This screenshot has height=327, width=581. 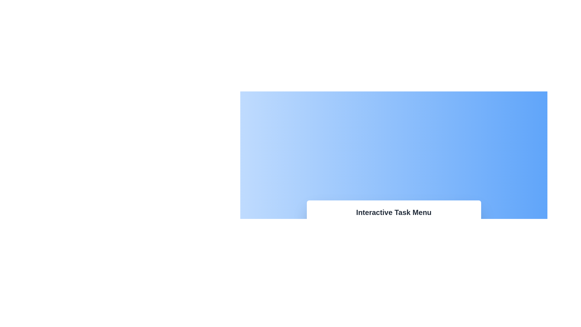 What do you see at coordinates (394, 212) in the screenshot?
I see `text from the heading Text Label located at the top-center of the Interactive Task Menu, which is within a white shadowed box on a blue gradient background` at bounding box center [394, 212].